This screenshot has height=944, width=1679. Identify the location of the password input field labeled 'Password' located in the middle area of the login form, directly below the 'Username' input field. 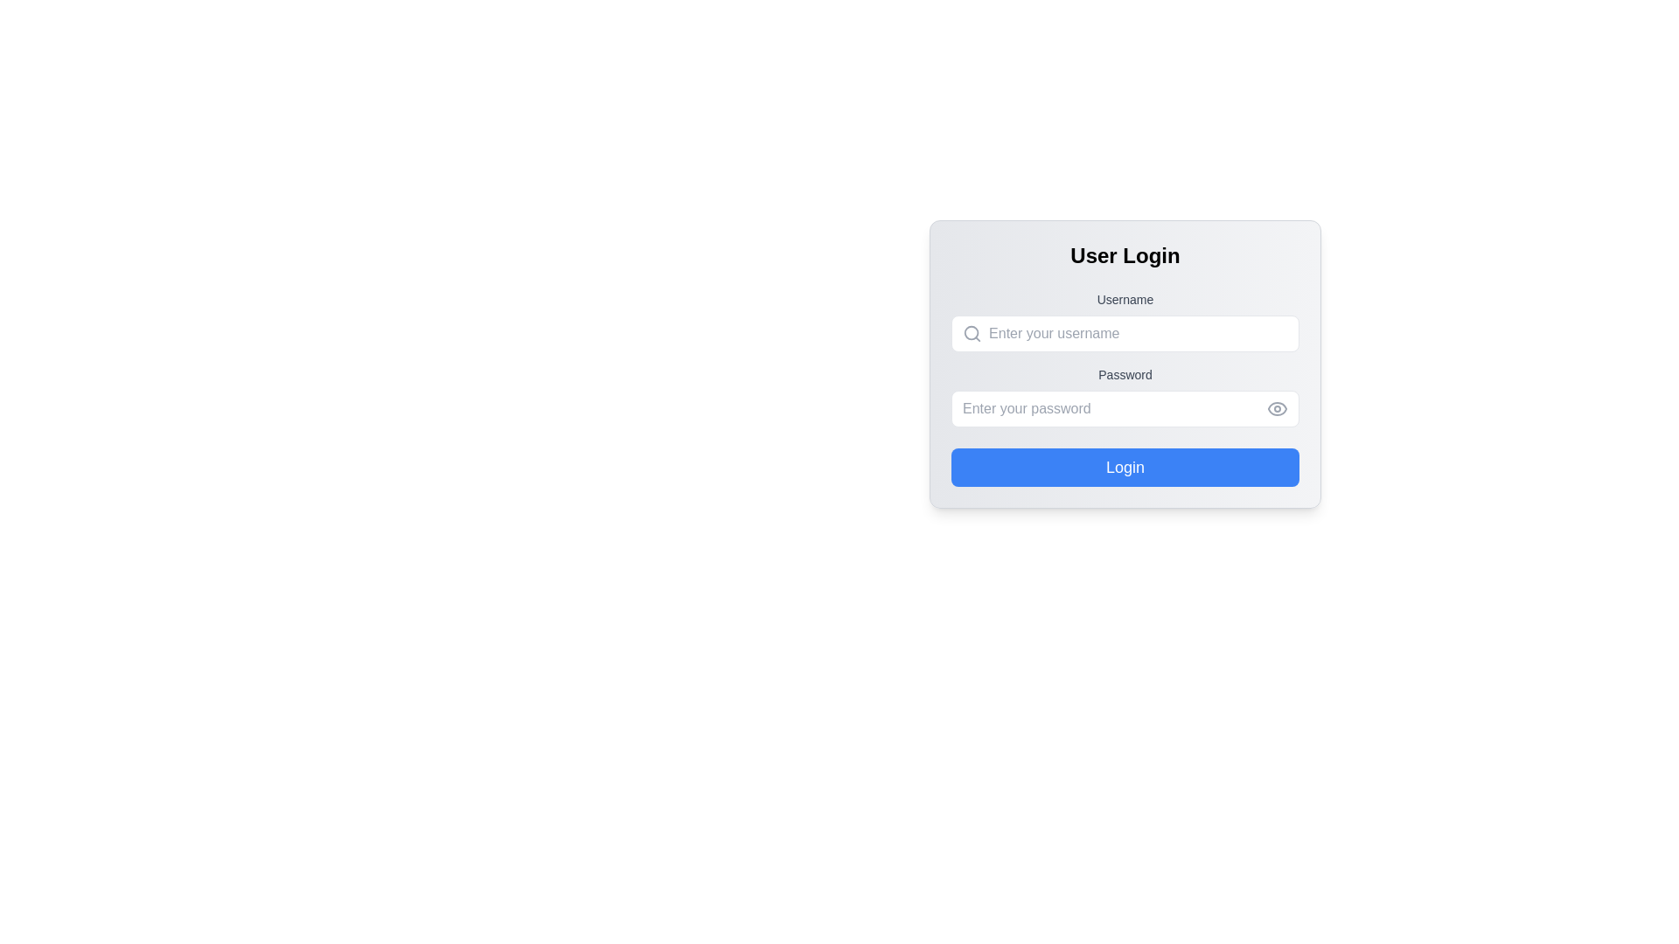
(1125, 397).